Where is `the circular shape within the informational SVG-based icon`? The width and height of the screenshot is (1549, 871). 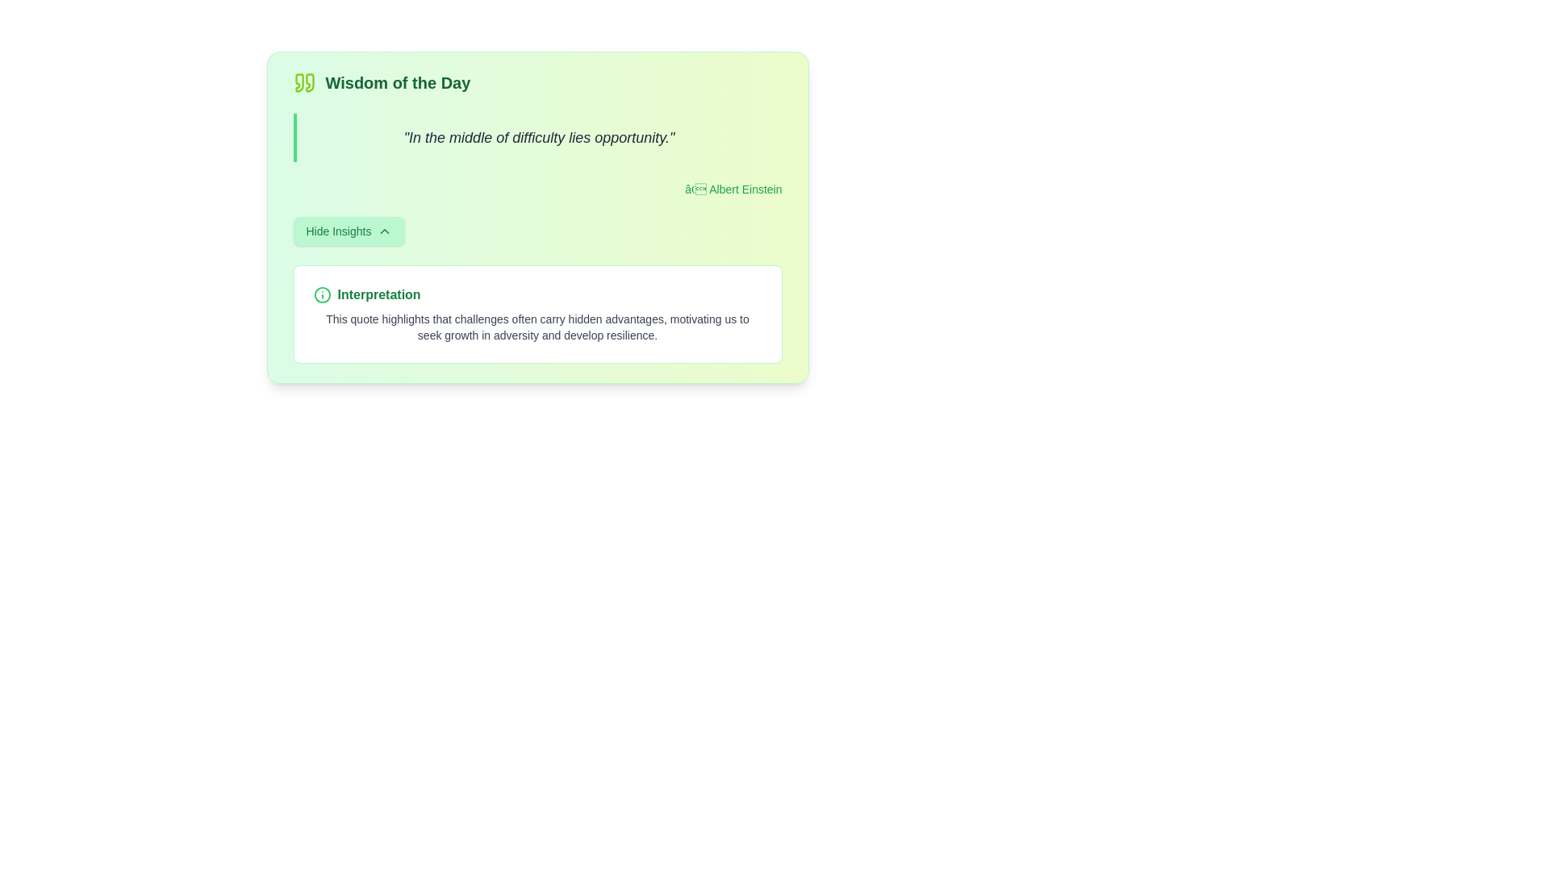 the circular shape within the informational SVG-based icon is located at coordinates (322, 295).